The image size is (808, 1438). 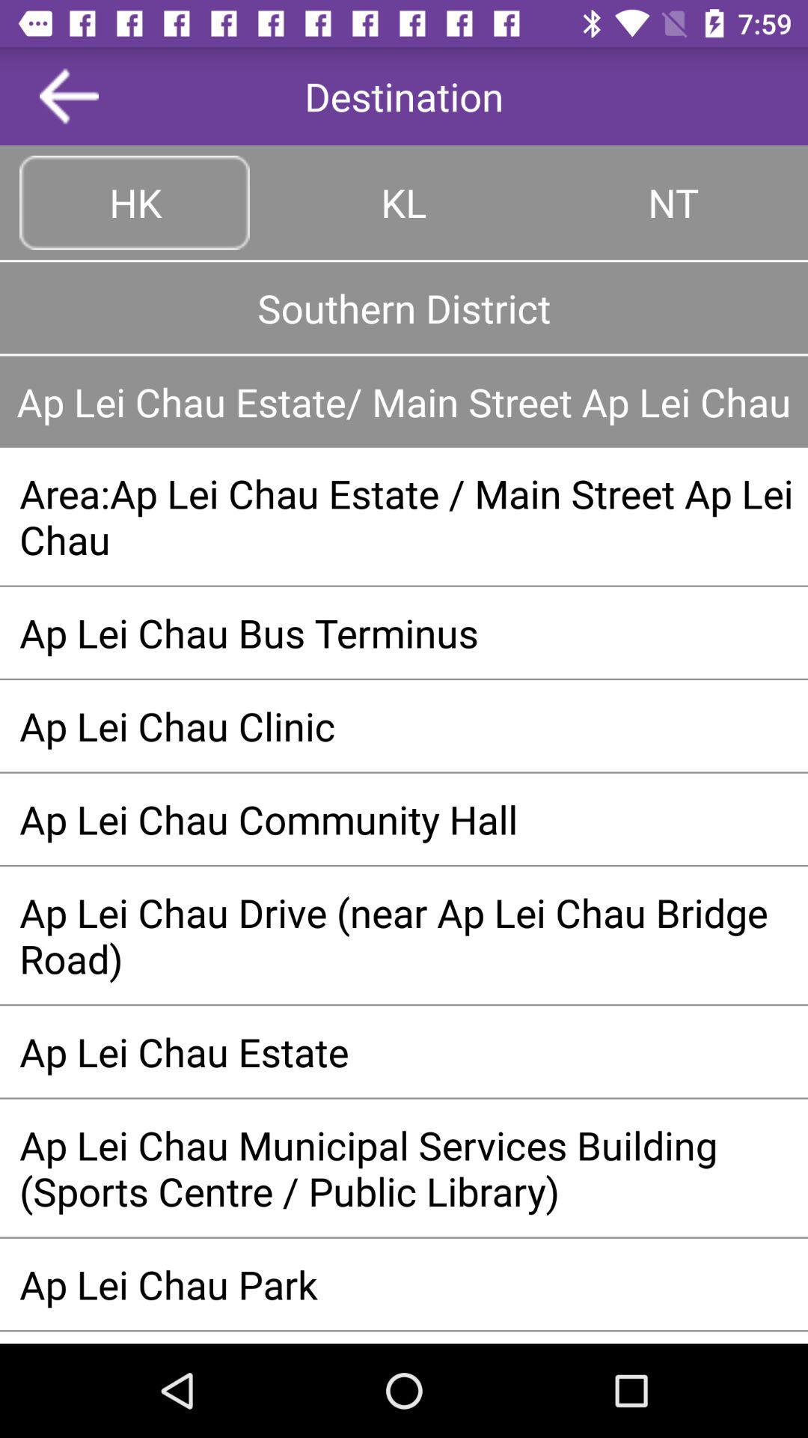 I want to click on the app below ap lei chau app, so click(x=404, y=516).